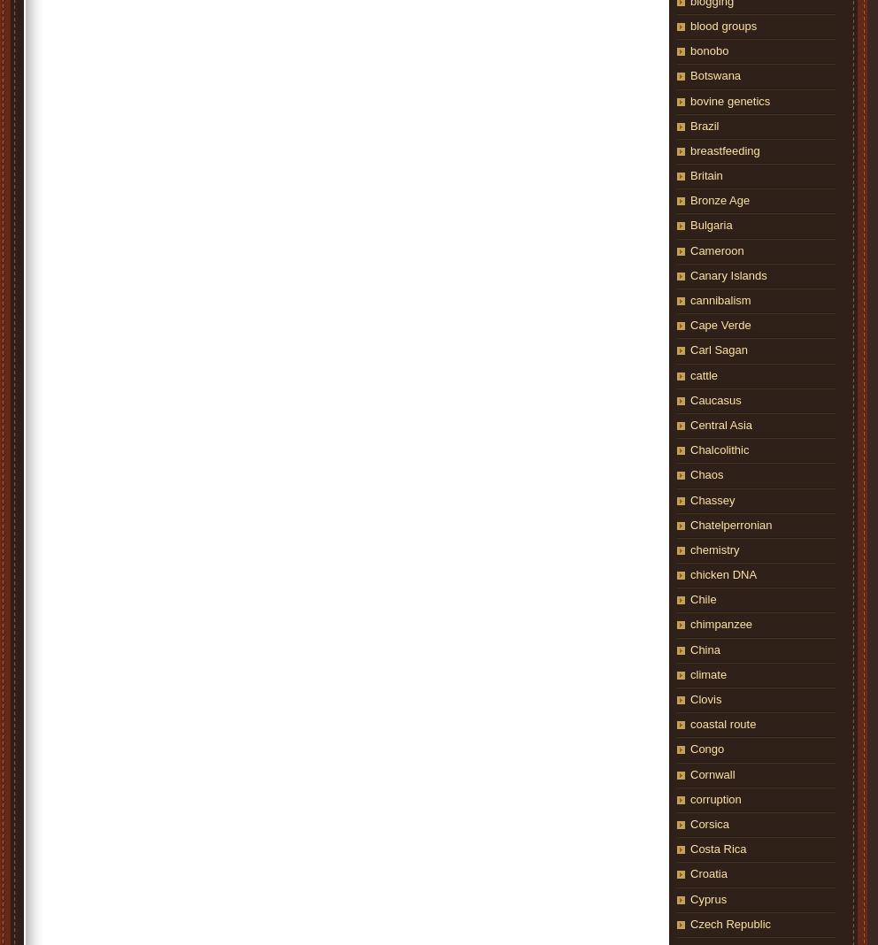 The height and width of the screenshot is (945, 878). I want to click on 'Croatia', so click(708, 873).